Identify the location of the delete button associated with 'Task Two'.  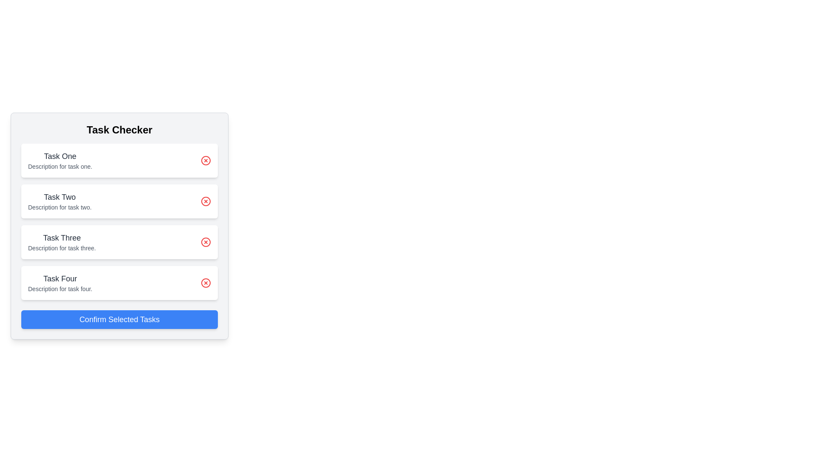
(206, 201).